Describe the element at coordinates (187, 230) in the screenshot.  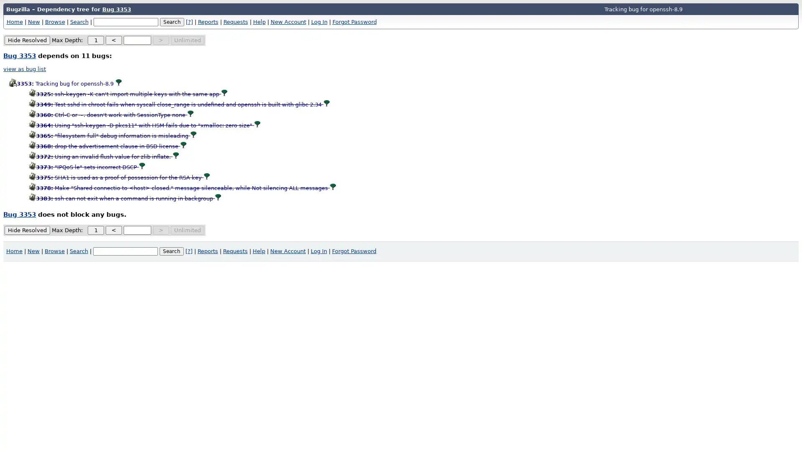
I see `Unlimited` at that location.